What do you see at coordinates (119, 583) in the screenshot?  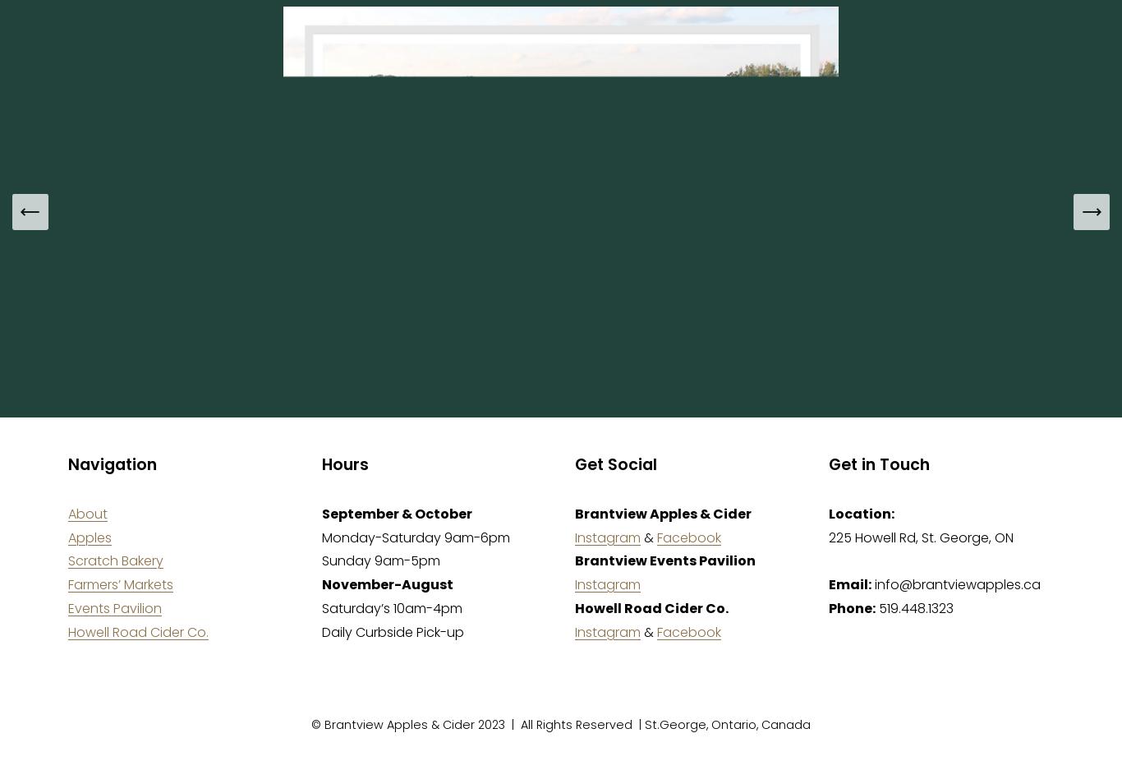 I see `'Farmers’ Markets'` at bounding box center [119, 583].